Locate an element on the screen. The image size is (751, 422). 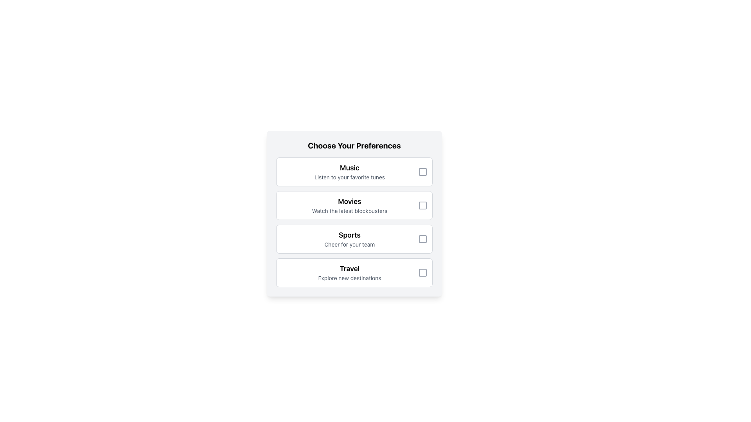
text of the 'Sports' category label, which is the third option in the preferences selection module under 'Choose Your Preferences' is located at coordinates (349, 239).